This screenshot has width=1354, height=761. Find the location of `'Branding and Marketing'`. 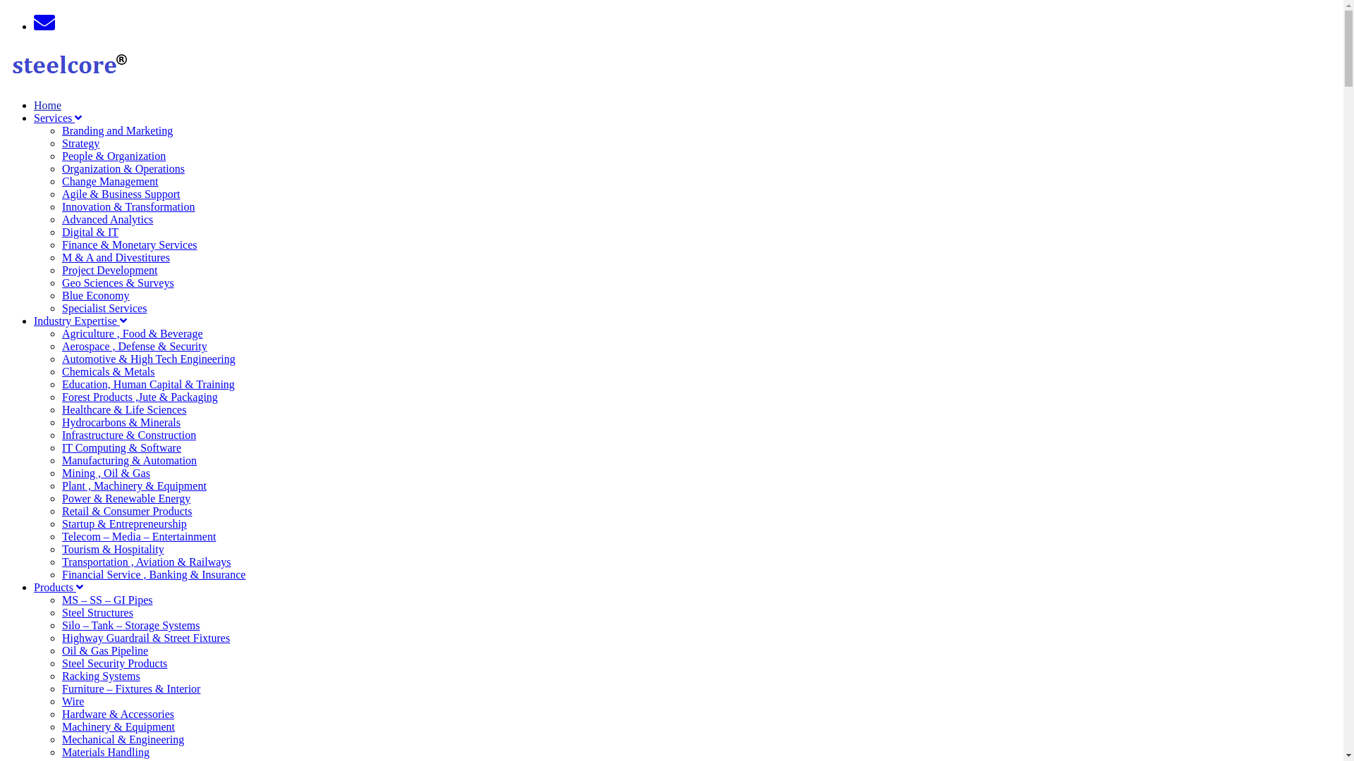

'Branding and Marketing' is located at coordinates (117, 130).